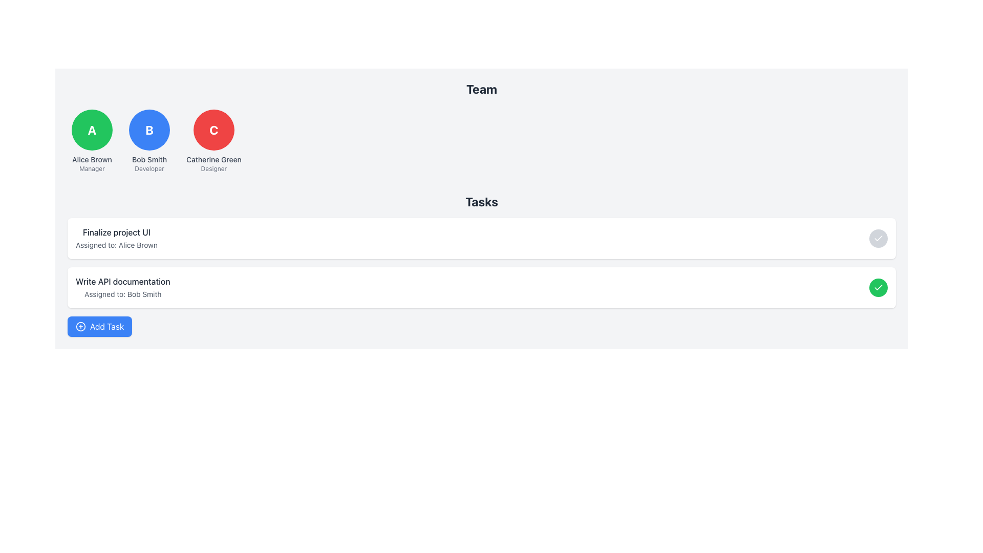  What do you see at coordinates (80, 326) in the screenshot?
I see `the circular vector graphic (SVG) representing the base of the plus-circle icon located within the blue 'Add Task' button in the bottom-left area` at bounding box center [80, 326].